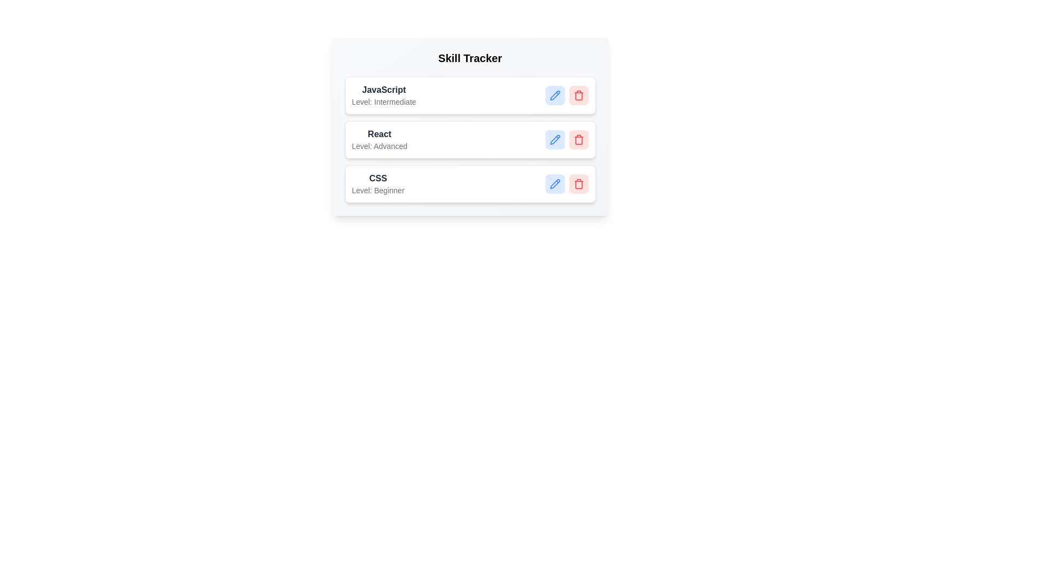 This screenshot has width=1037, height=583. Describe the element at coordinates (555, 183) in the screenshot. I see `edit button for the skill labeled CSS` at that location.